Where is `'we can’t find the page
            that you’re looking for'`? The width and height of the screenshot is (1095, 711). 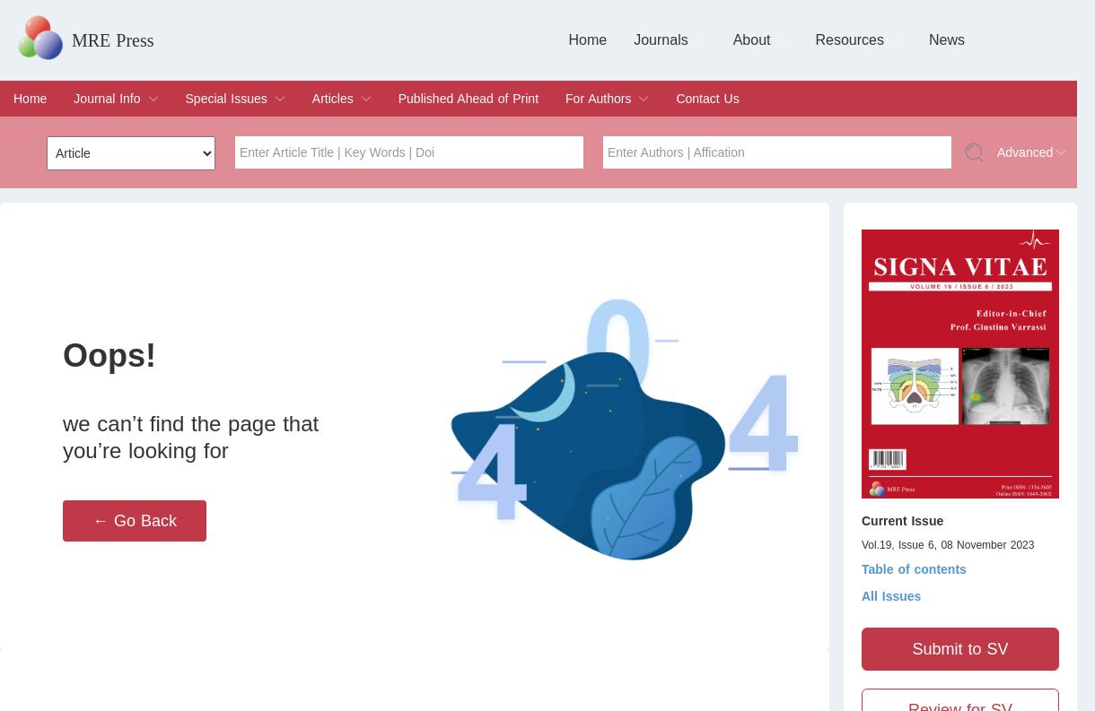 'we can’t find the page
            that you’re looking for' is located at coordinates (190, 437).